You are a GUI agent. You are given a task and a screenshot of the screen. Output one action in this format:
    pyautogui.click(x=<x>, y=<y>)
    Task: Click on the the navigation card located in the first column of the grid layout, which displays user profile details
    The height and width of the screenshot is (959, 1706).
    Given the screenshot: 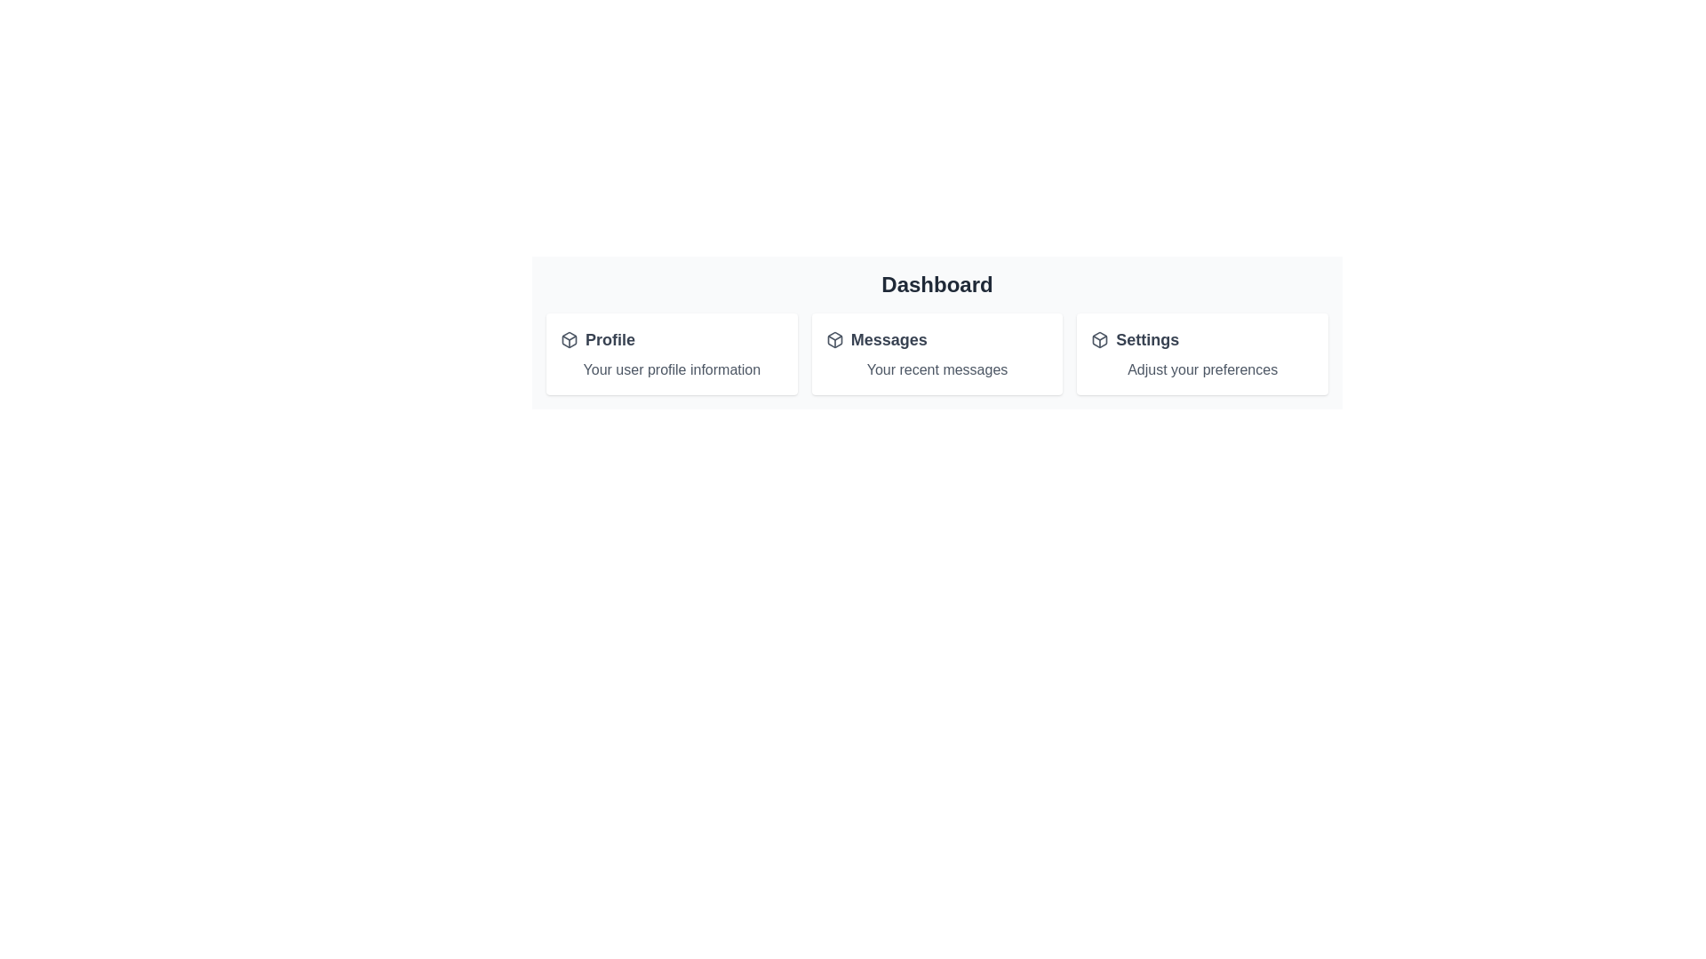 What is the action you would take?
    pyautogui.click(x=670, y=353)
    